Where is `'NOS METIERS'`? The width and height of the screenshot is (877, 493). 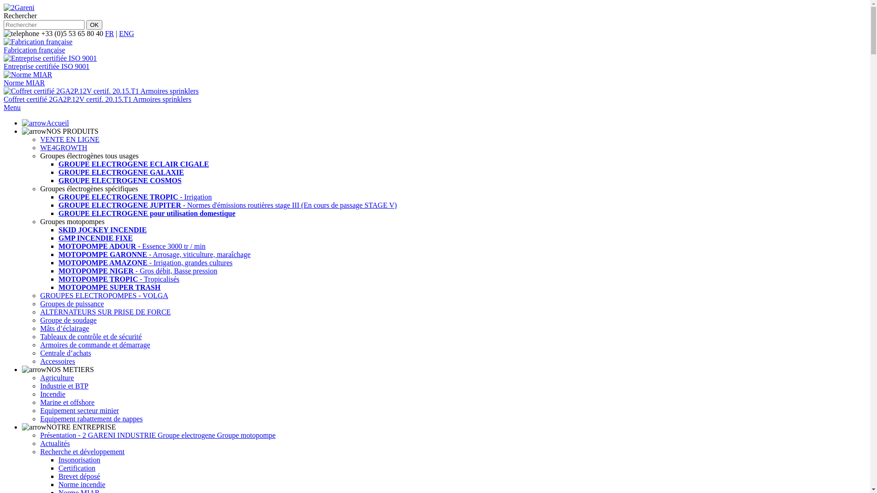 'NOS METIERS' is located at coordinates (57, 369).